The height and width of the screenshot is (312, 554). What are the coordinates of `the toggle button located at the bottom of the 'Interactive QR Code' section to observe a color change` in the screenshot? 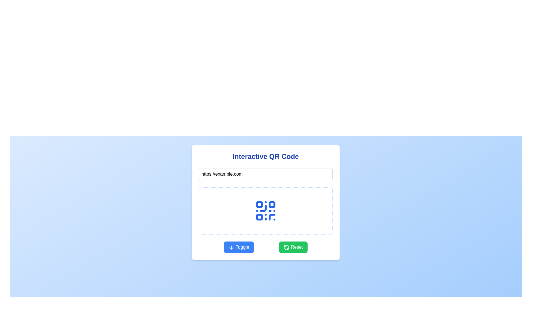 It's located at (239, 247).